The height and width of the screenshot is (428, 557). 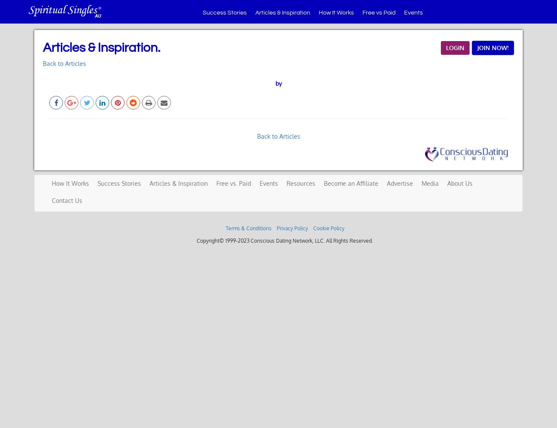 I want to click on 'JOIN NOW!', so click(x=492, y=47).